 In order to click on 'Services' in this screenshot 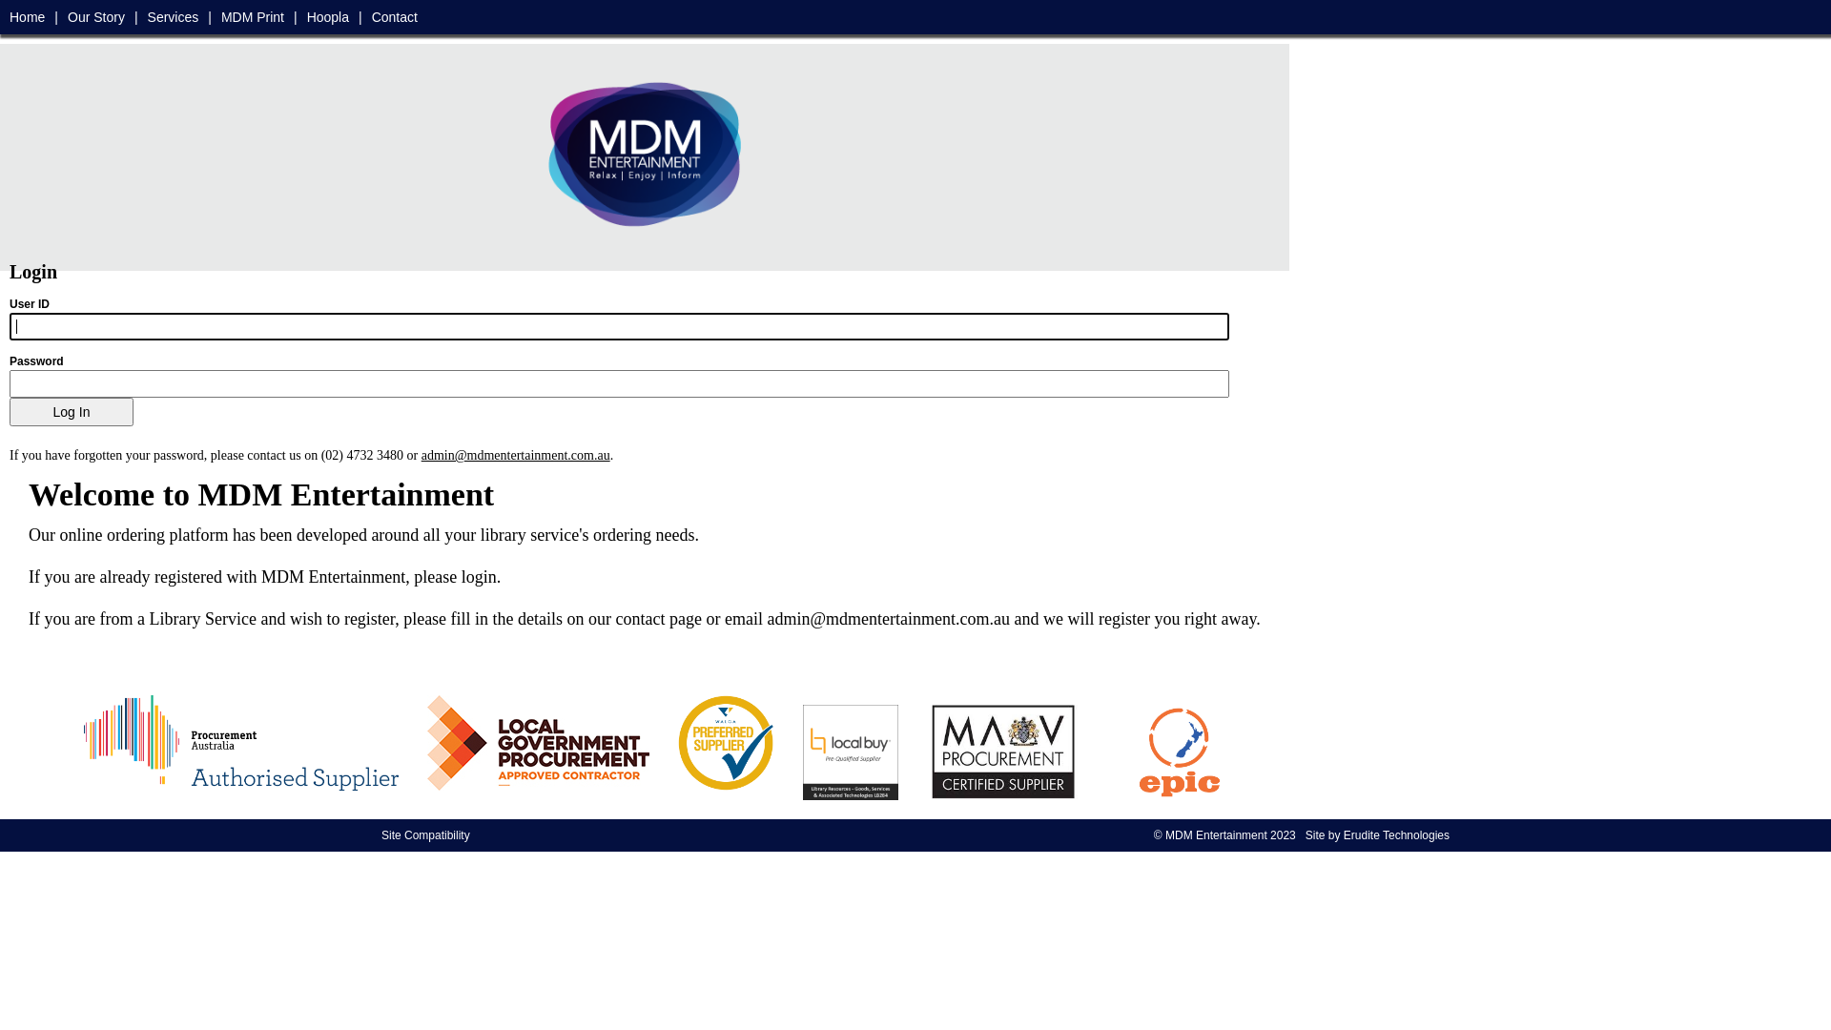, I will do `click(146, 17)`.